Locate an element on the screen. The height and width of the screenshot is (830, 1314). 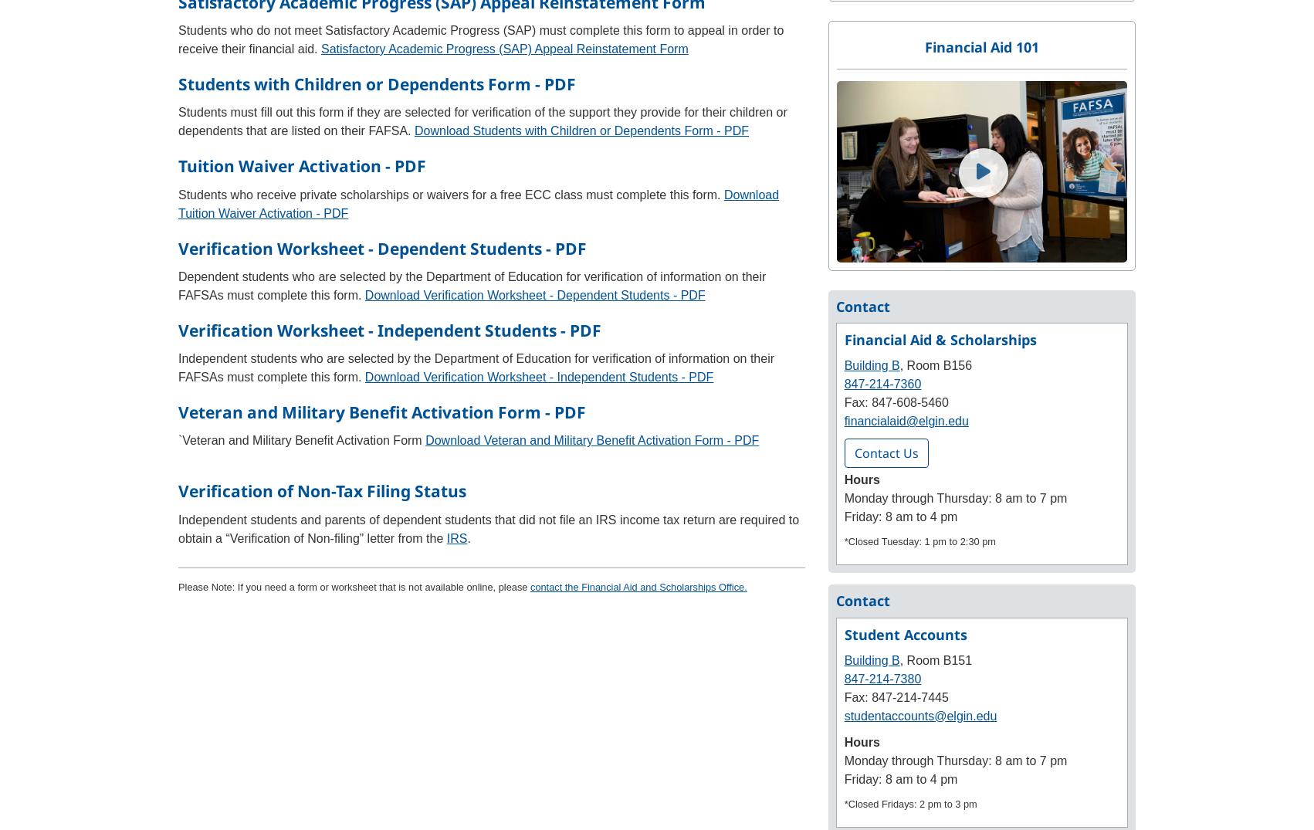
'847-214-7380' is located at coordinates (882, 678).